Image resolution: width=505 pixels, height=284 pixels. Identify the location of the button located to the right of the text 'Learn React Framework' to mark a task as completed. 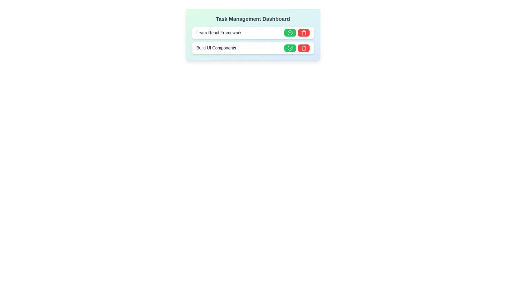
(290, 33).